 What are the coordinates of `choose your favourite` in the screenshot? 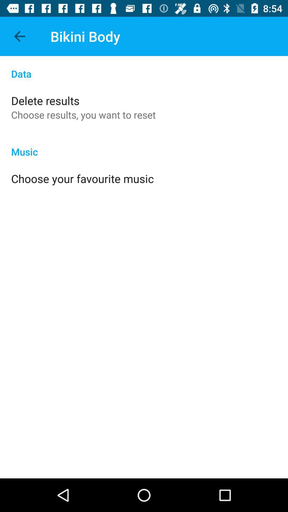 It's located at (82, 178).